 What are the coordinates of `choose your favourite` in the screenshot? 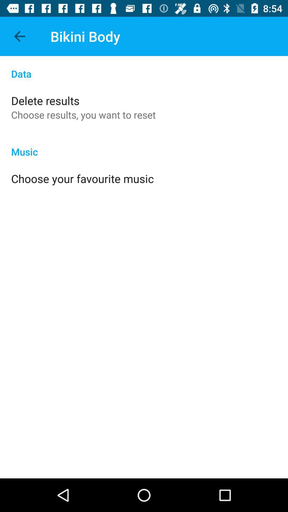 It's located at (82, 178).